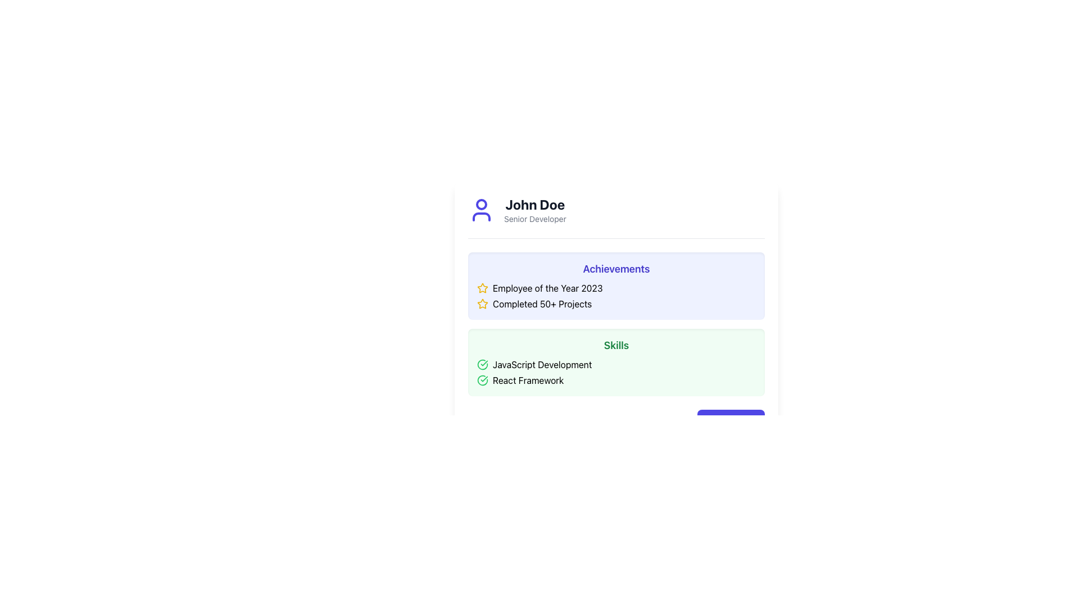  What do you see at coordinates (483, 303) in the screenshot?
I see `the vibrant star-shaped icon with a yellow border located beside the text 'Completed 50+ Projects'` at bounding box center [483, 303].